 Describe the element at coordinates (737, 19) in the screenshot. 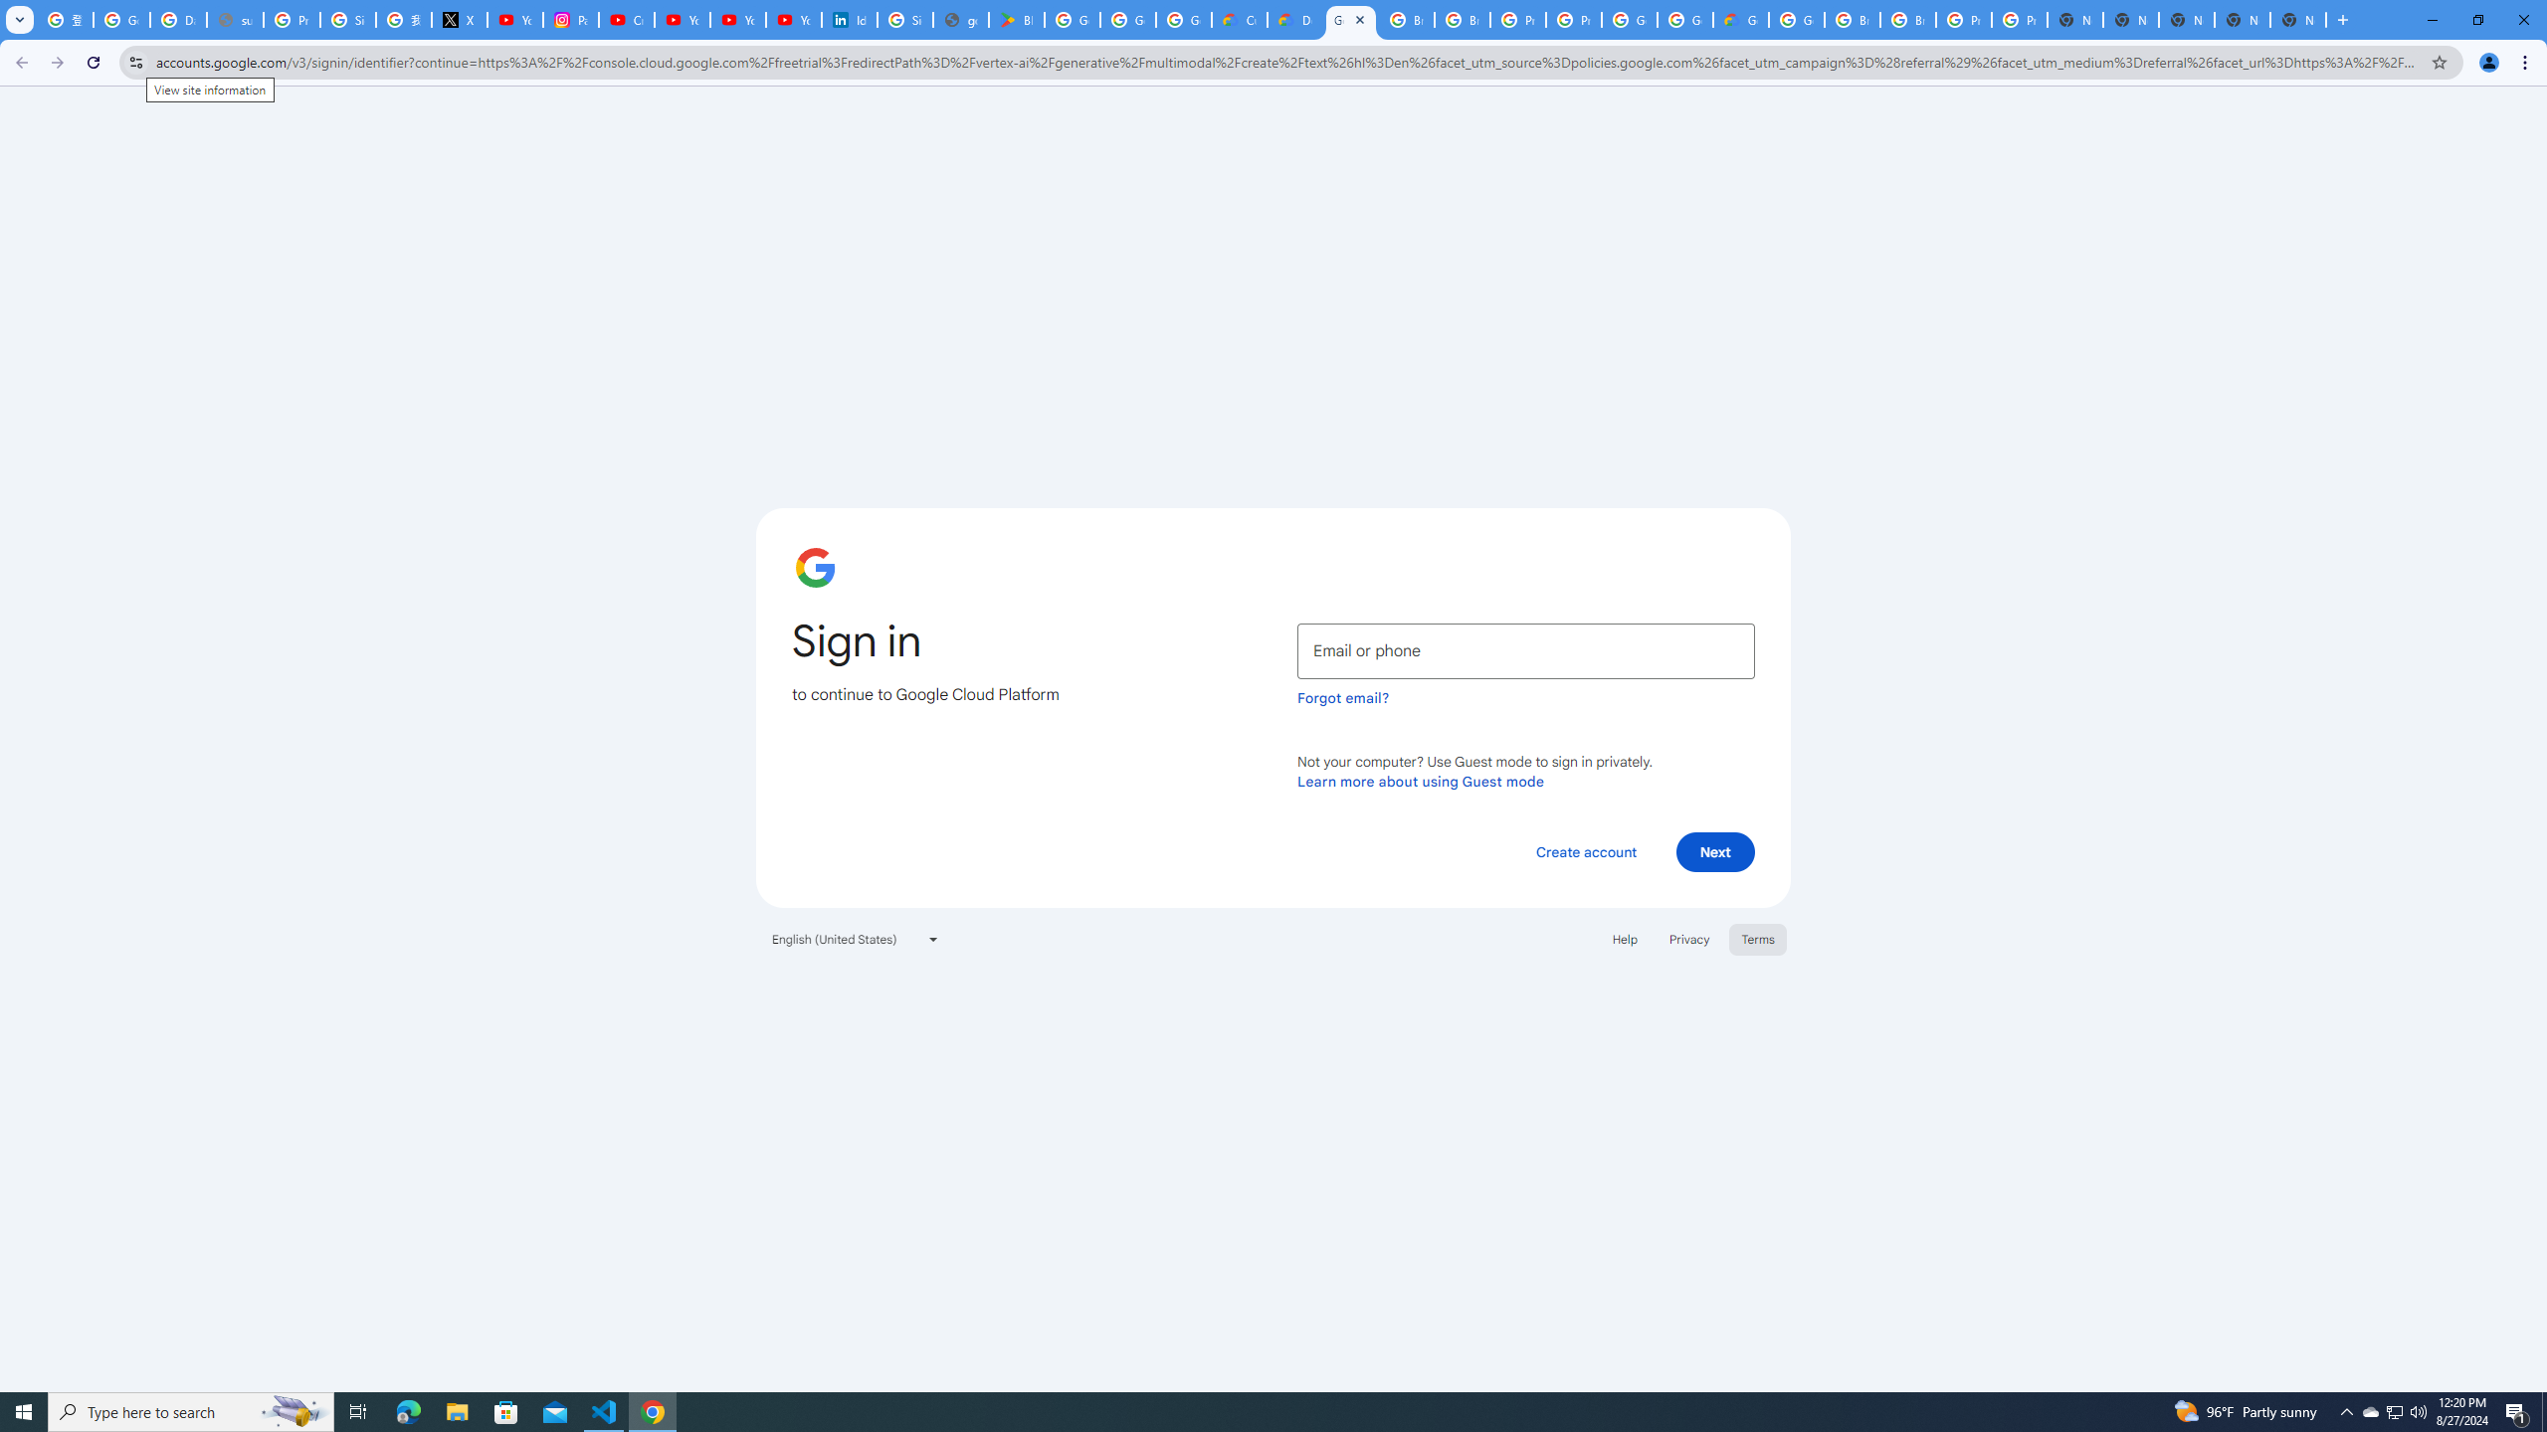

I see `'YouTube Culture & Trends - YouTube Top 10, 2021'` at that location.